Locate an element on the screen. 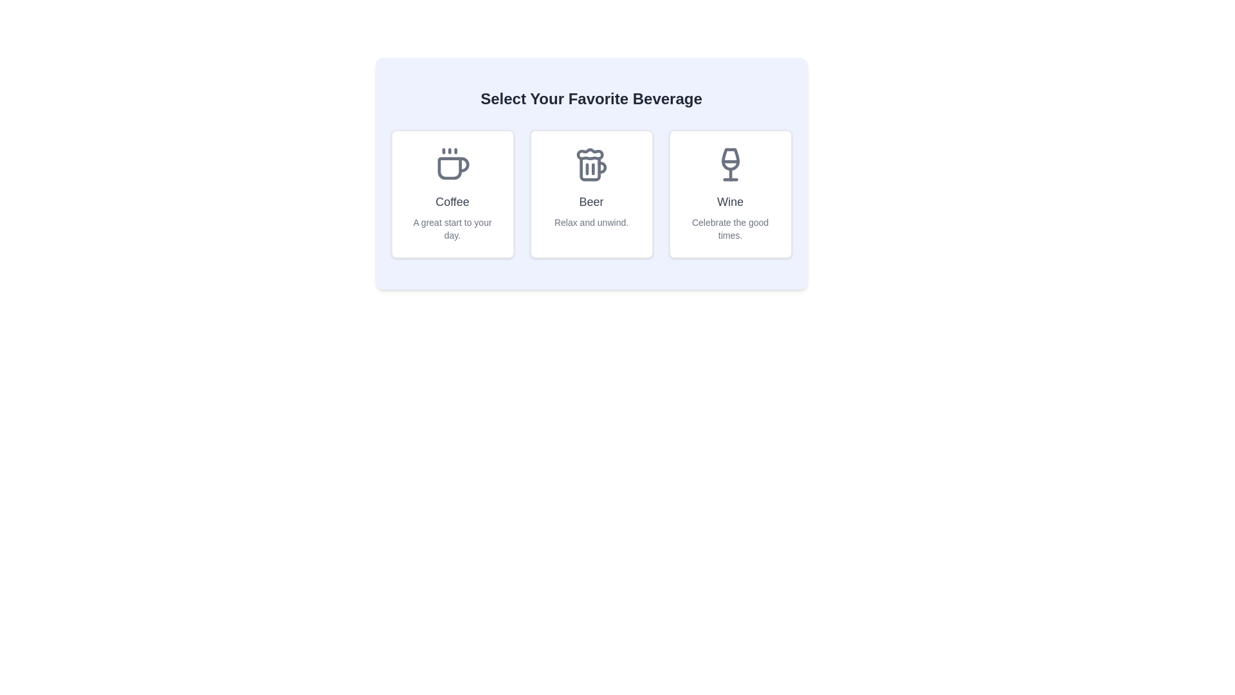 Image resolution: width=1235 pixels, height=695 pixels. the Icon Component resembling a beer mug handle is located at coordinates (589, 168).